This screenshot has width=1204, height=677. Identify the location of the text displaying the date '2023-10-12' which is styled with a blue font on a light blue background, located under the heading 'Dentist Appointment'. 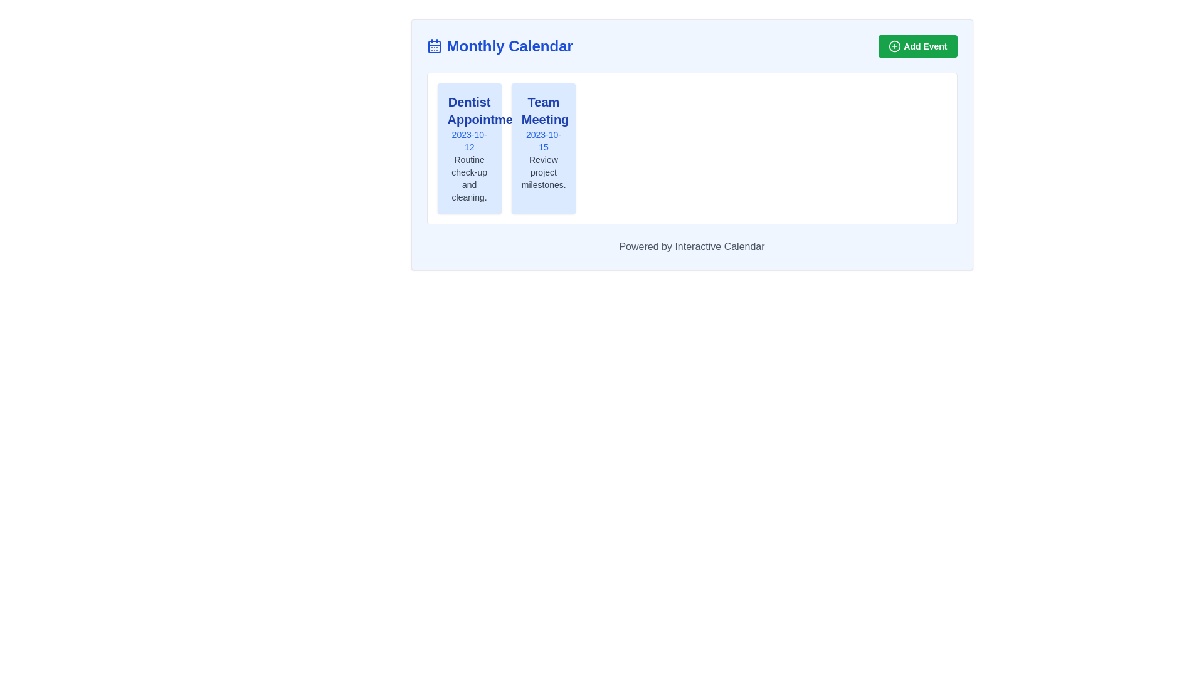
(468, 140).